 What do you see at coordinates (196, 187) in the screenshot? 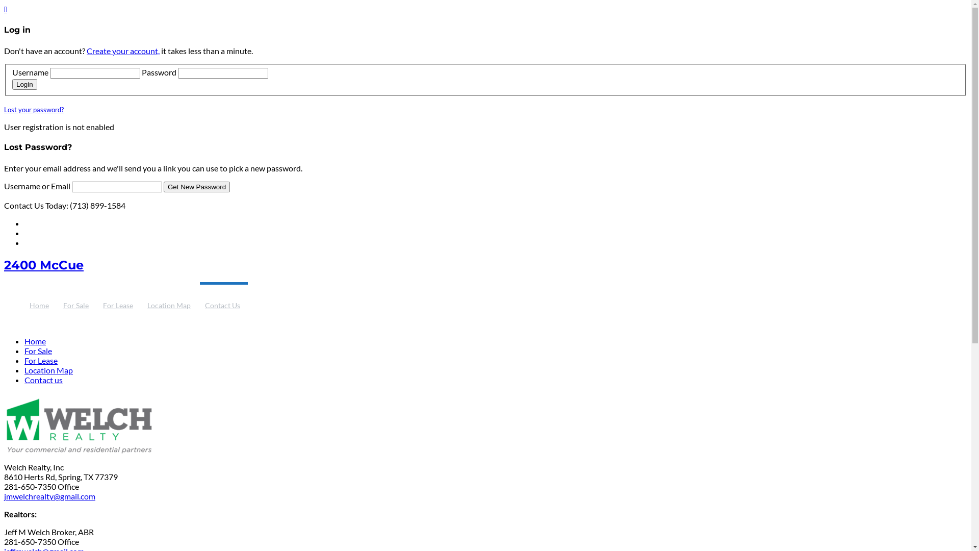
I see `'Get New Password'` at bounding box center [196, 187].